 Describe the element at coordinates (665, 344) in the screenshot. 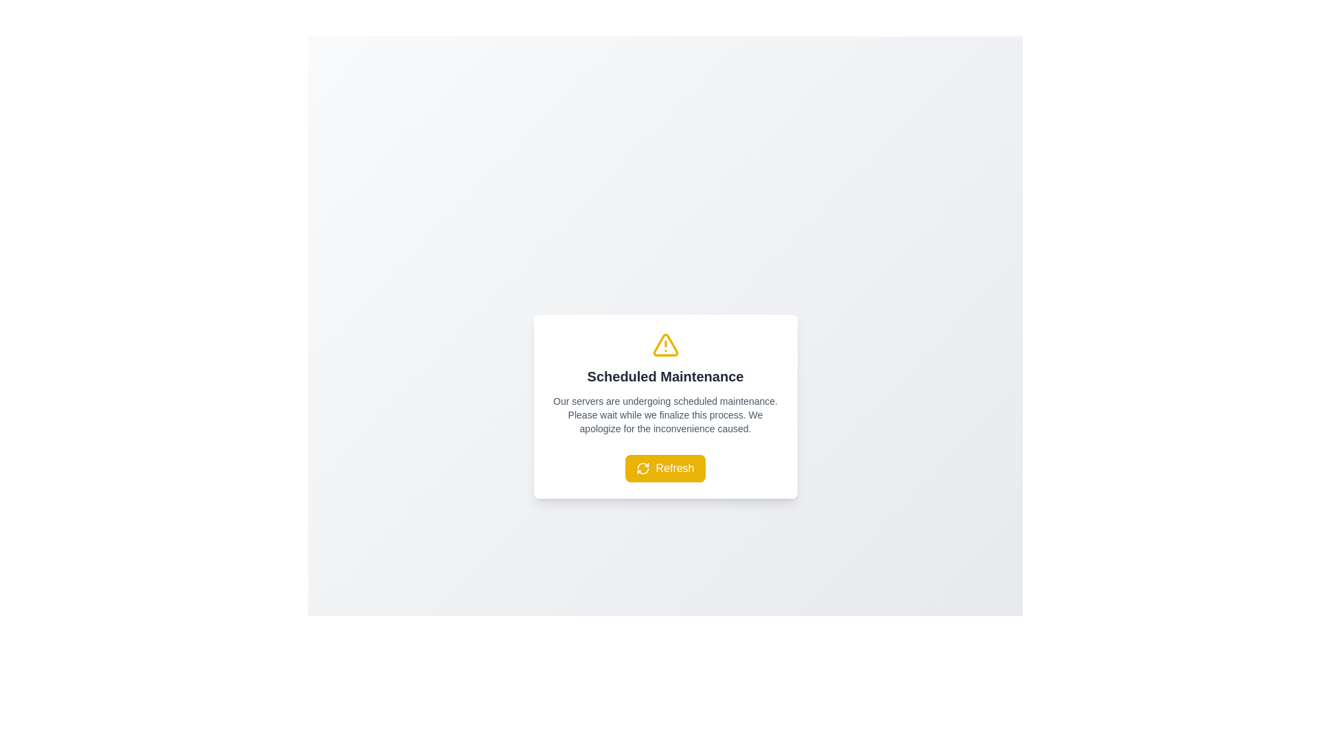

I see `the warning or alert icon located at the center of the alert dialog box above the text 'Scheduled Maintenance' for information` at that location.